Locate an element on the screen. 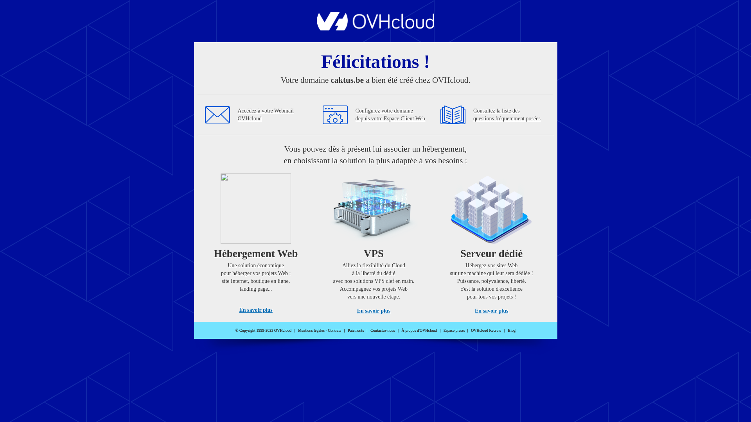 This screenshot has height=422, width=751. 'Configurez votre domaine is located at coordinates (390, 114).